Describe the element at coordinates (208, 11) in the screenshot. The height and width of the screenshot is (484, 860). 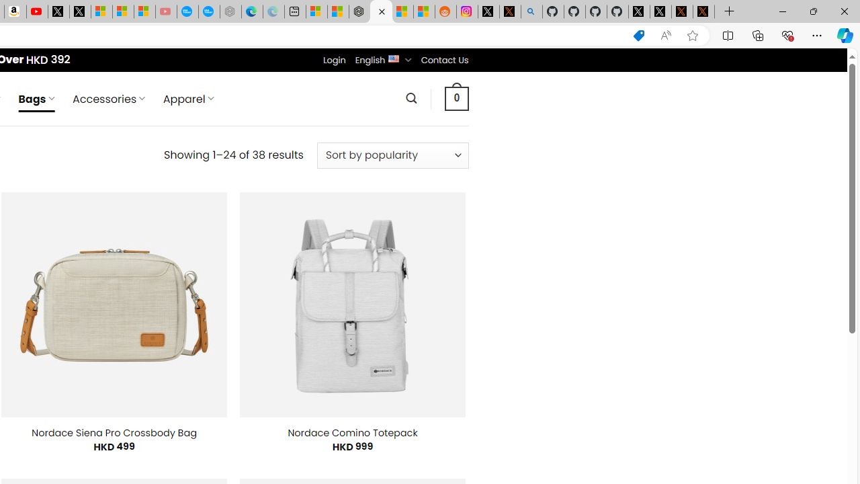
I see `'The most popular Google '` at that location.